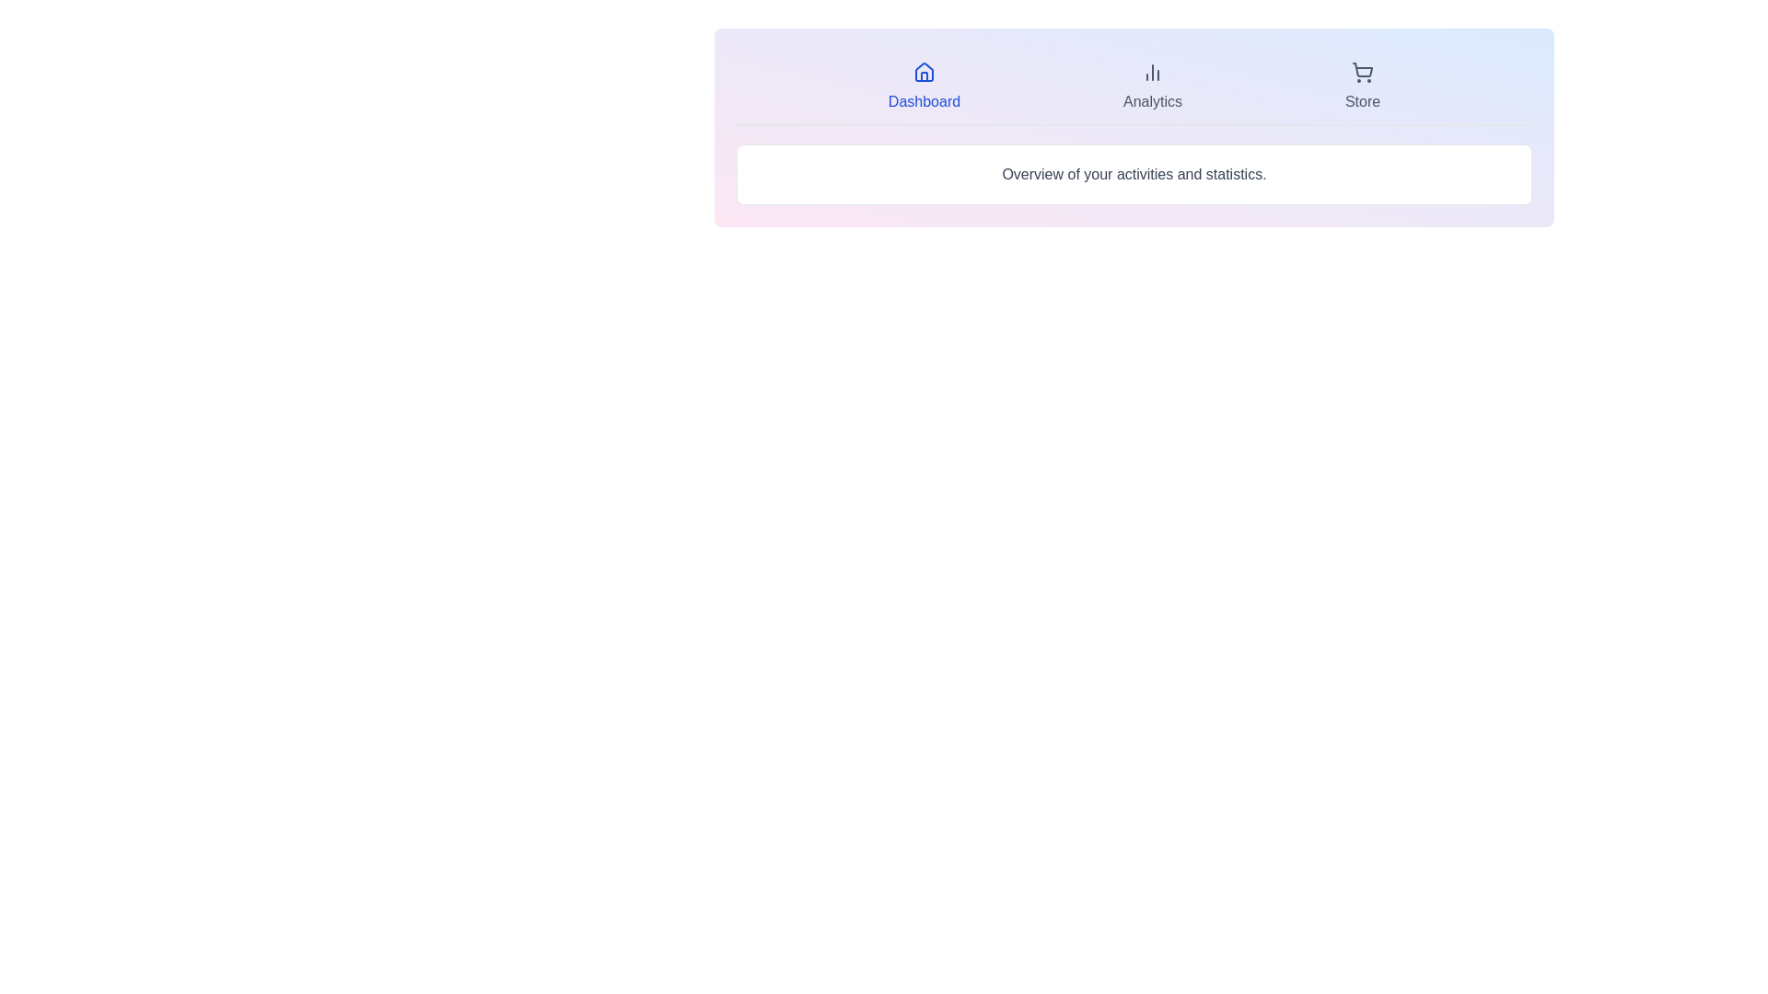  I want to click on the Dashboard tab in the AdvancedTabs component, so click(924, 87).